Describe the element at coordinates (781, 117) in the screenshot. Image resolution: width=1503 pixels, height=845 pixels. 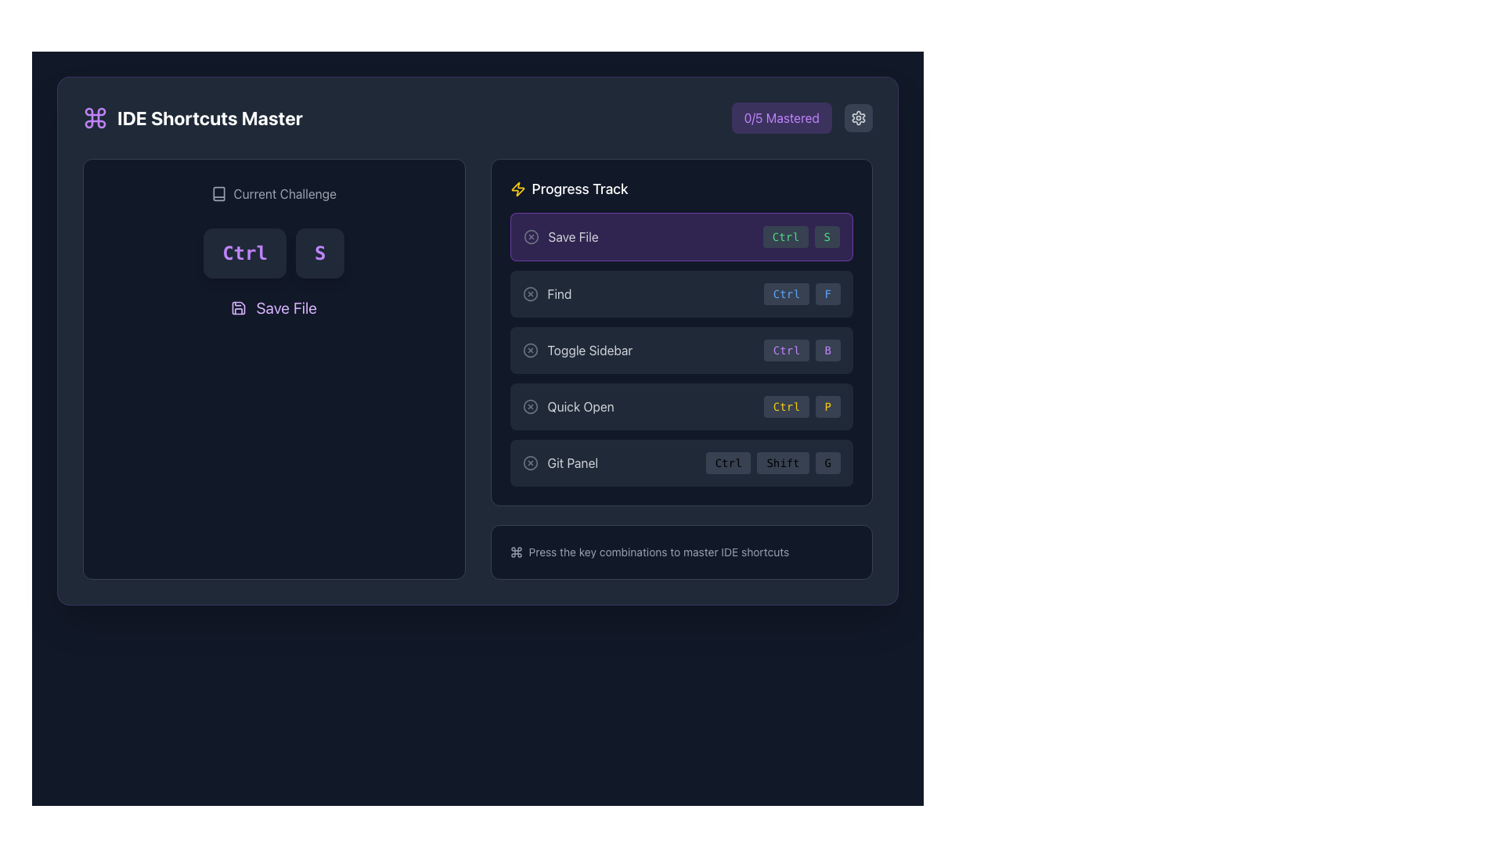
I see `the static text label displaying '0/5 Mastered', which has a light purple background and is located in the top-right corner adjacent to the settings icon` at that location.